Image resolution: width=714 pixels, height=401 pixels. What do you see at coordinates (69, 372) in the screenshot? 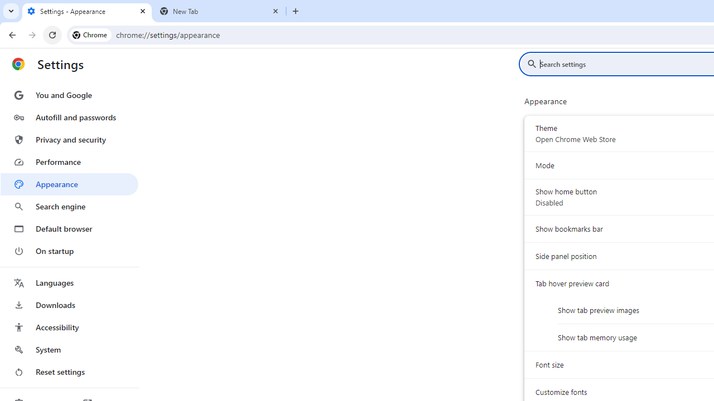
I see `'Reset settings'` at bounding box center [69, 372].